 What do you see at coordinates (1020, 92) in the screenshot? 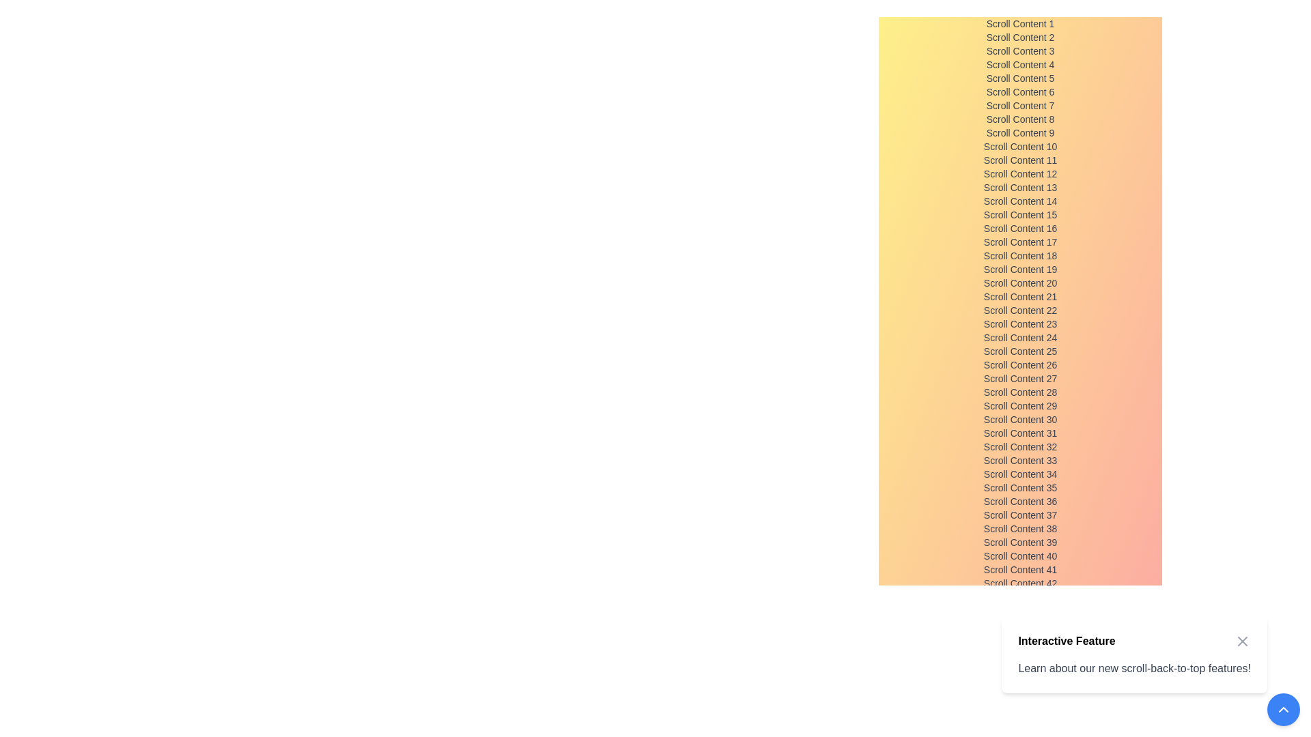
I see `the static text element displaying 'Scroll Content 6', which is the sixth item in a vertically scrolling list of similar styled text elements` at bounding box center [1020, 92].